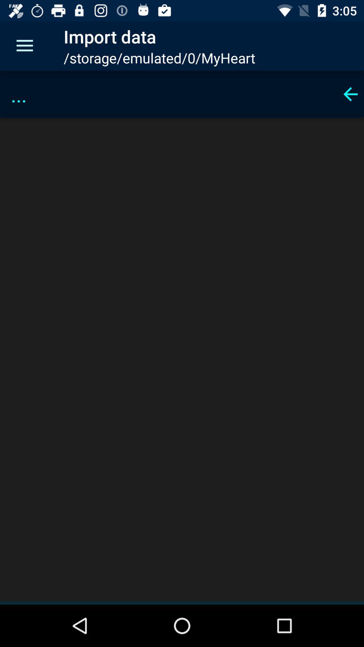 The height and width of the screenshot is (647, 364). What do you see at coordinates (24, 45) in the screenshot?
I see `the icon to the left of import data item` at bounding box center [24, 45].